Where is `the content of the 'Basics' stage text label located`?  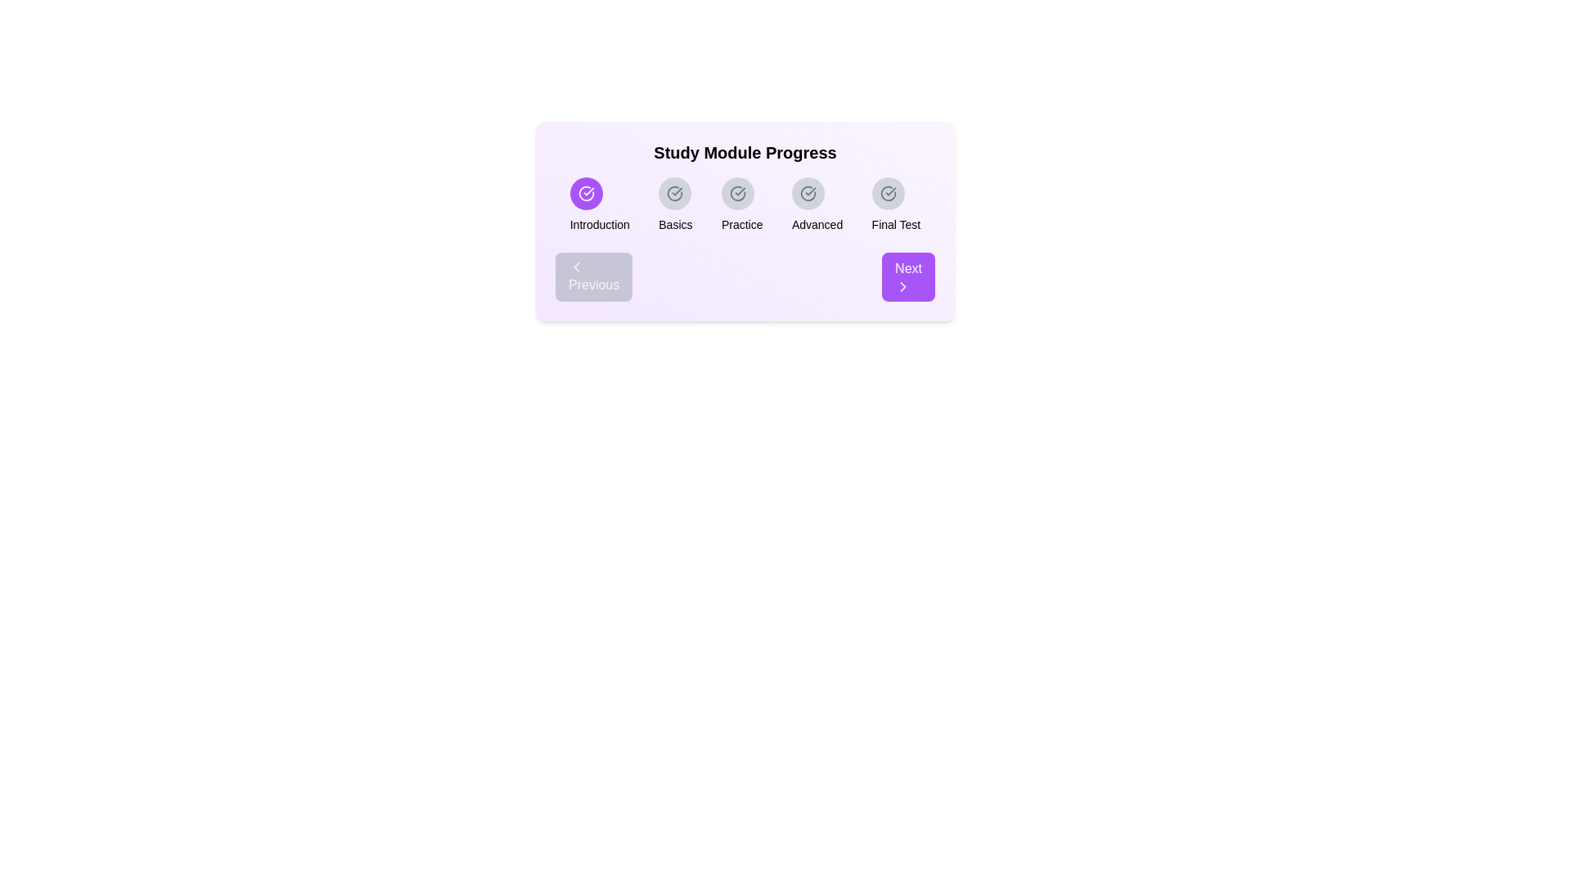 the content of the 'Basics' stage text label located is located at coordinates (675, 224).